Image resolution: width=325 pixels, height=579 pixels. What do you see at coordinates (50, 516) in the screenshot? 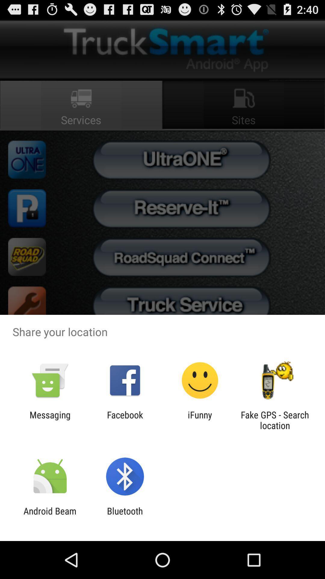
I see `the item to the left of the bluetooth icon` at bounding box center [50, 516].